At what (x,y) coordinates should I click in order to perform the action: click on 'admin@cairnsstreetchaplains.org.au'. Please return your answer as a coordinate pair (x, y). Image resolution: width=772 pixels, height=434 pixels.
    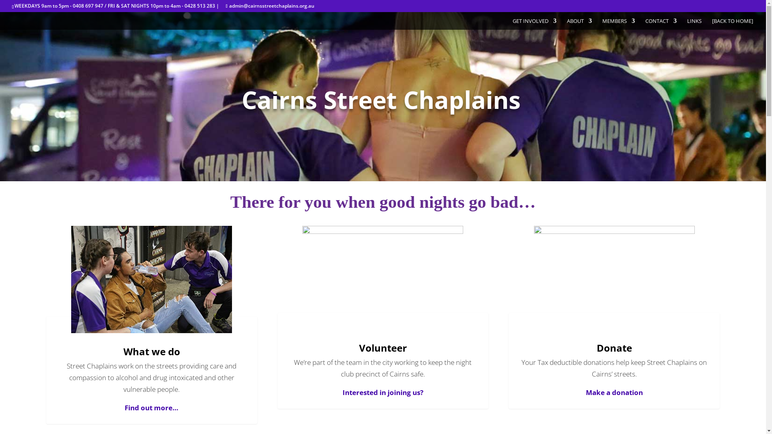
    Looking at the image, I should click on (225, 6).